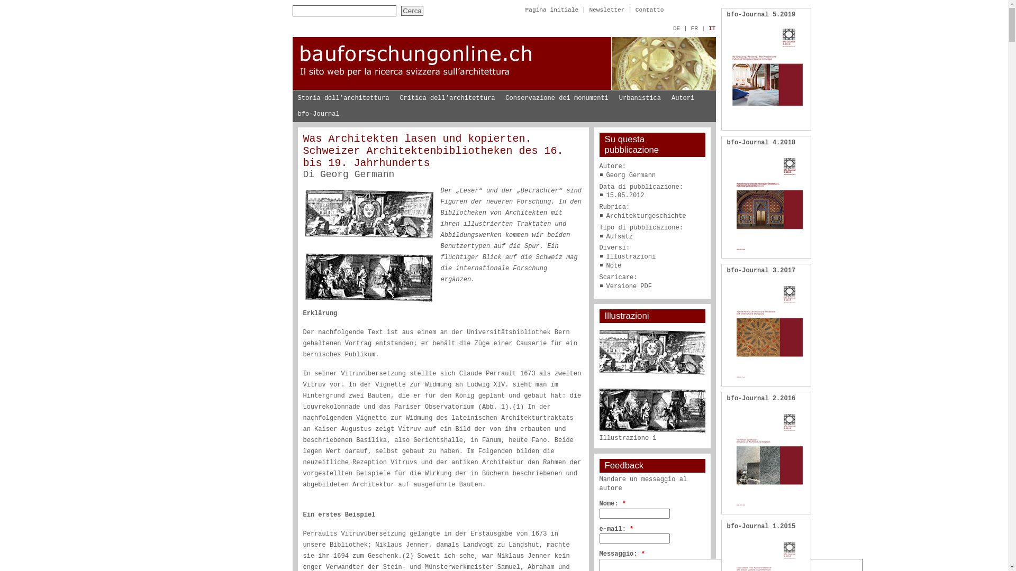  I want to click on 'bfo-Journal 1.2015', so click(726, 526).